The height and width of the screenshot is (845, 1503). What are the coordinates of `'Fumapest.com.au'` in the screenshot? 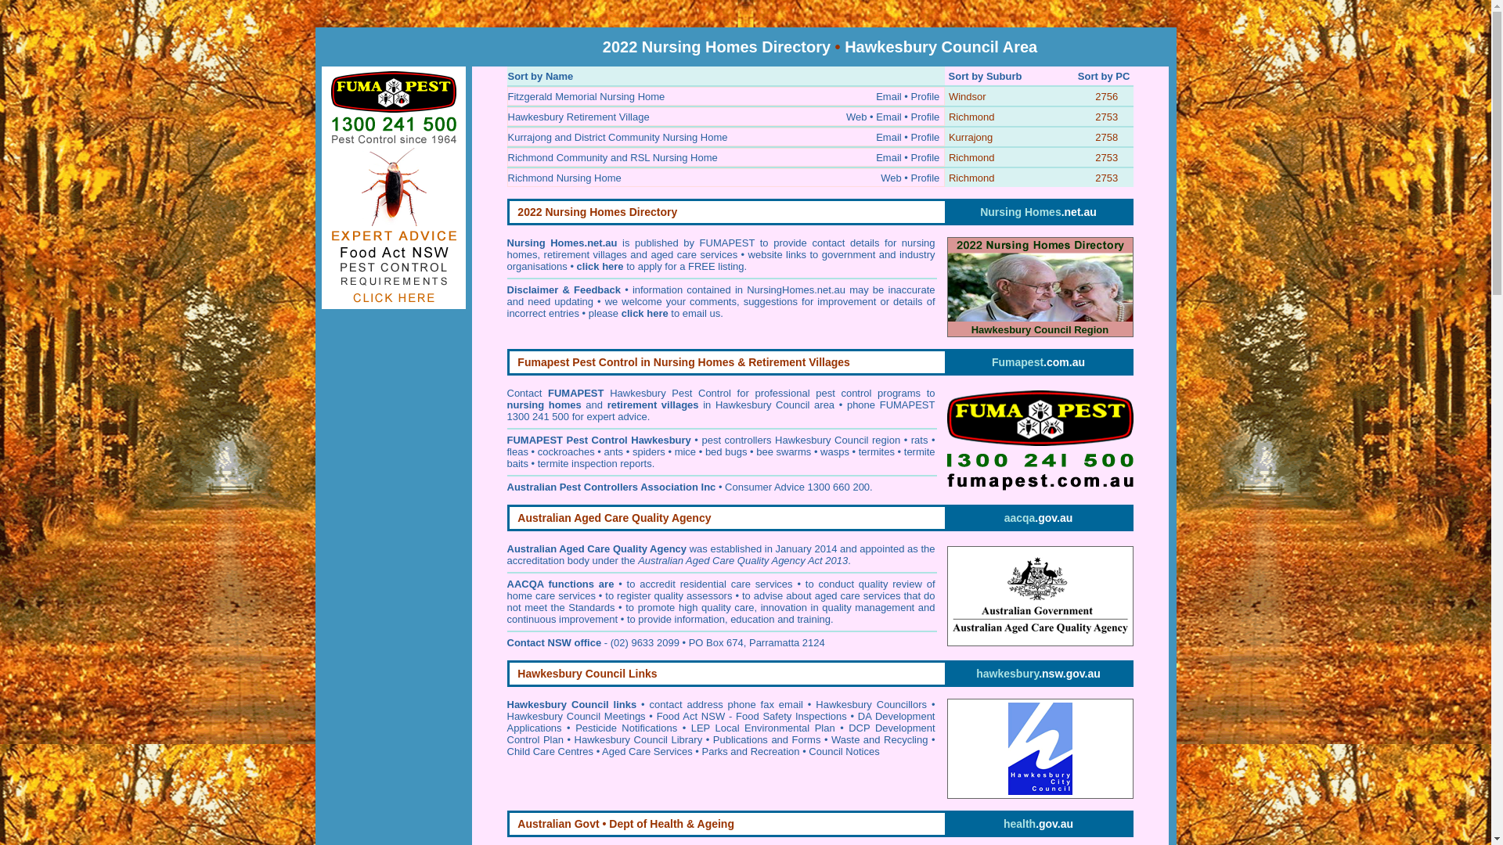 It's located at (1038, 361).